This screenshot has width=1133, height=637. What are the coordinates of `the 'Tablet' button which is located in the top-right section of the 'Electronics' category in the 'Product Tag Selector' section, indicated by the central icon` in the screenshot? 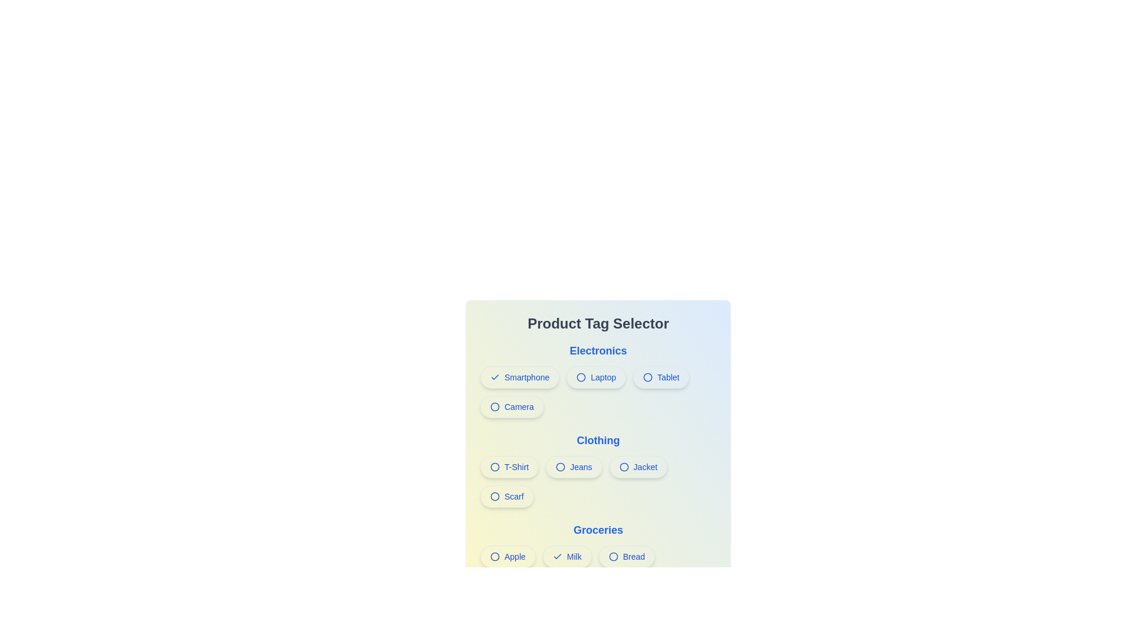 It's located at (647, 377).